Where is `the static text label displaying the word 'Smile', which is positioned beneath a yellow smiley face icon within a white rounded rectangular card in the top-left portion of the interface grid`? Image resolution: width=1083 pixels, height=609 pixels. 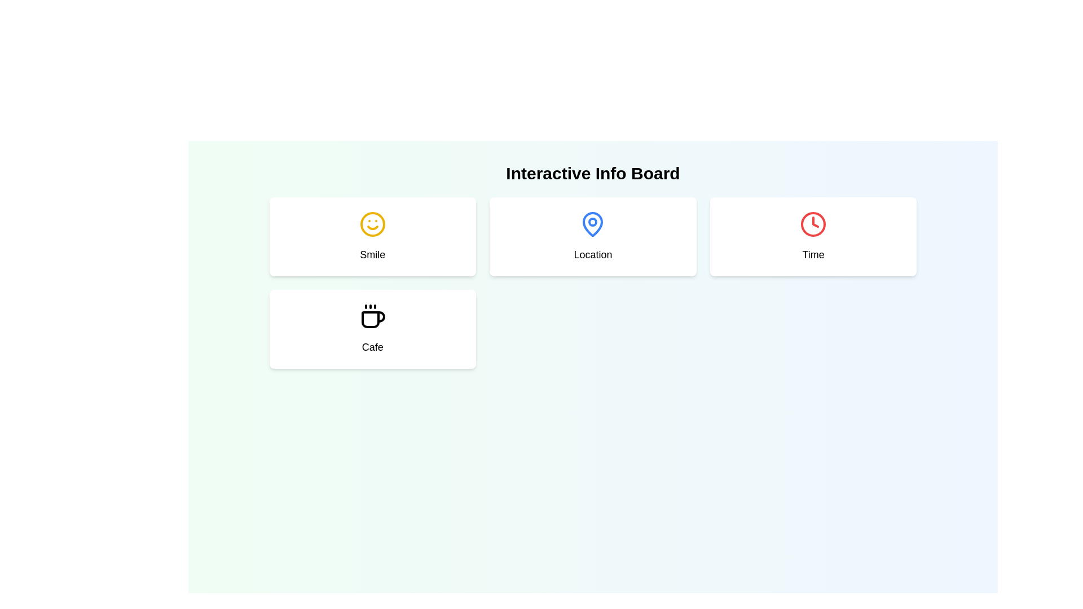 the static text label displaying the word 'Smile', which is positioned beneath a yellow smiley face icon within a white rounded rectangular card in the top-left portion of the interface grid is located at coordinates (372, 254).